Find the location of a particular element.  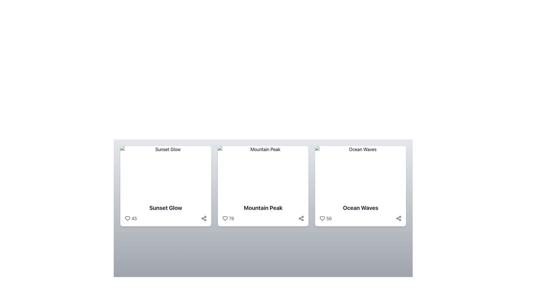

the image of the mountain peak located at the top of the card labeled 'Mountain Peak 78' is located at coordinates (263, 173).